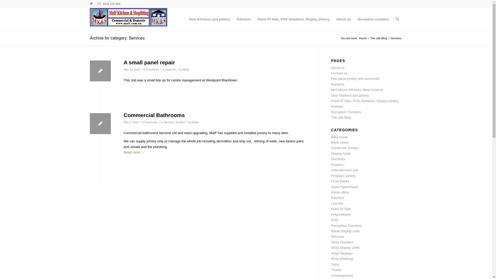  Describe the element at coordinates (342, 275) in the screenshot. I see `'Uncategorized'` at that location.